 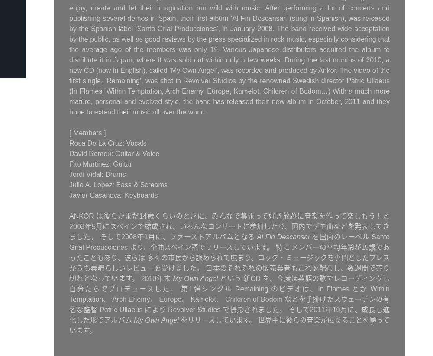 What do you see at coordinates (114, 154) in the screenshot?
I see `'David Romeu: Guitar & Voice'` at bounding box center [114, 154].